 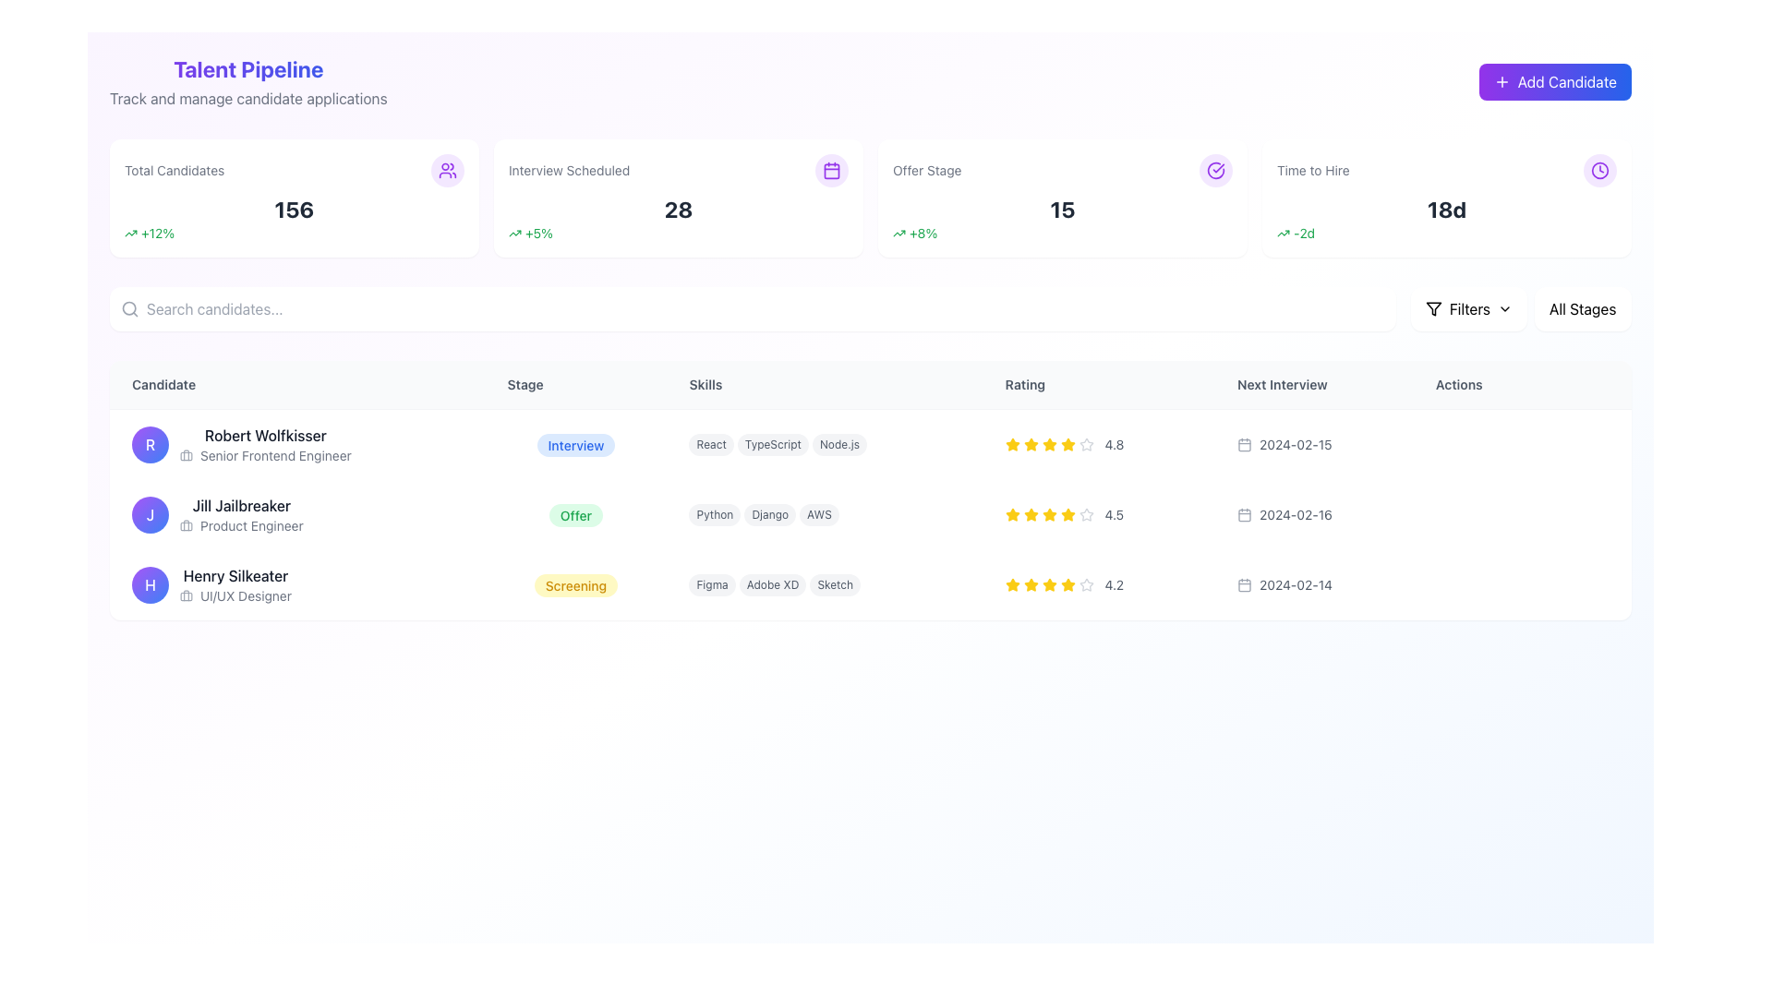 I want to click on the 'Adobe XD' label, which is a pill-shaped label with a gray background, located in the 'Skills' column associated with 'Henry Silkeater', so click(x=773, y=584).